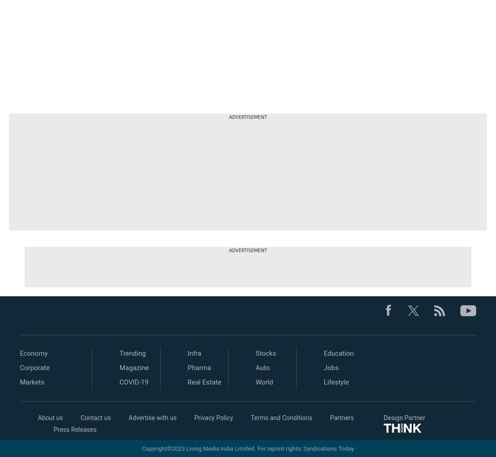 This screenshot has width=496, height=457. Describe the element at coordinates (248, 448) in the screenshot. I see `'Copyright©2023 Living Media India Limited. For reprint rights: Syndications Today'` at that location.